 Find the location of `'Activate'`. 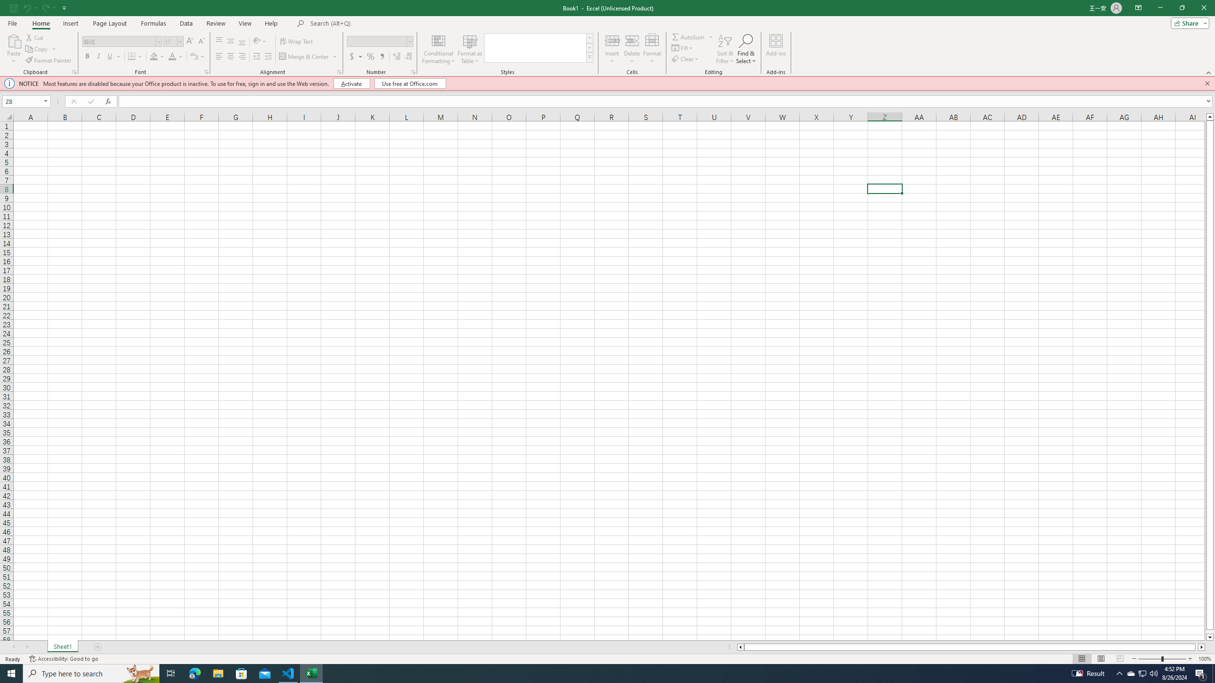

'Activate' is located at coordinates (352, 83).